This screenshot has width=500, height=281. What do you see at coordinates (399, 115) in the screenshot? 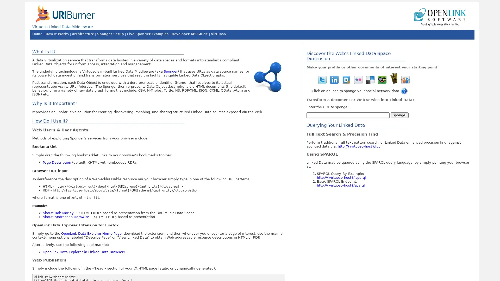
I see `Sponge!` at bounding box center [399, 115].